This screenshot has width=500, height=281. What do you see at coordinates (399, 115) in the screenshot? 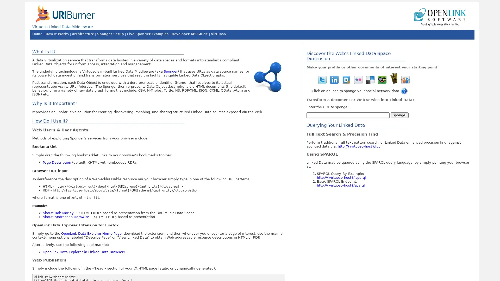
I see `Sponge!` at bounding box center [399, 115].